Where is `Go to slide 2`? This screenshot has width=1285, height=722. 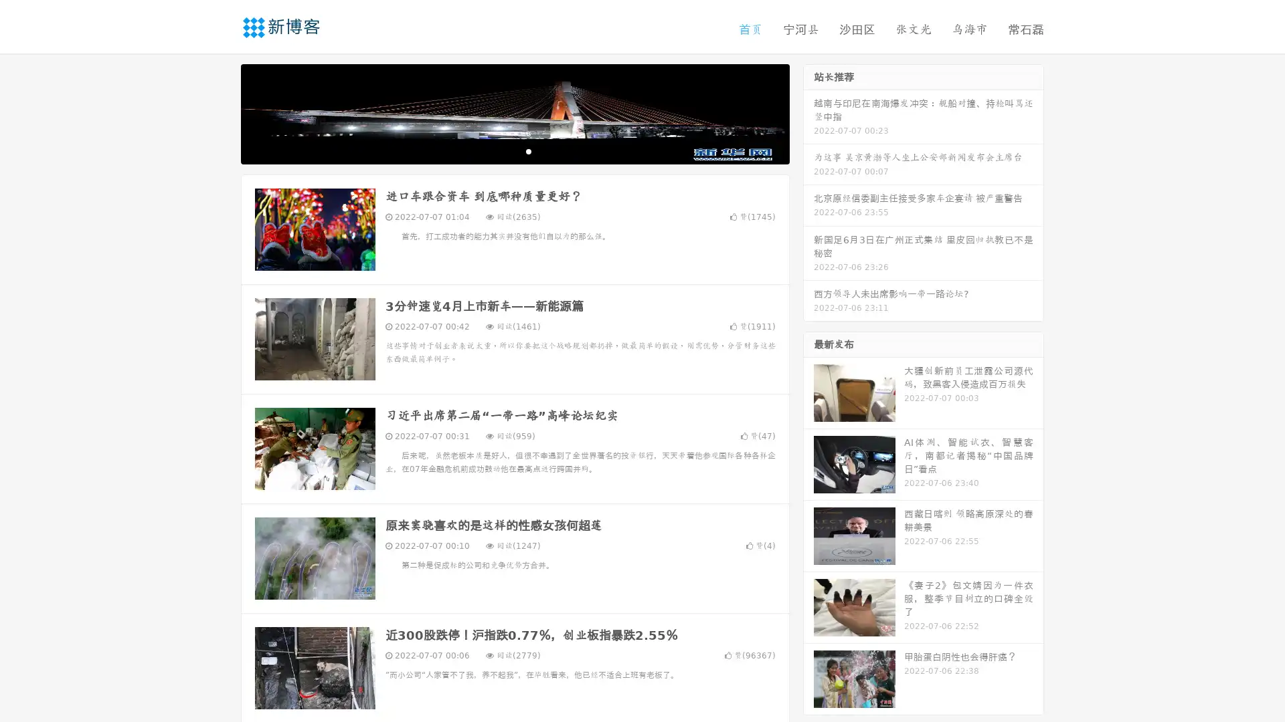 Go to slide 2 is located at coordinates (514, 150).